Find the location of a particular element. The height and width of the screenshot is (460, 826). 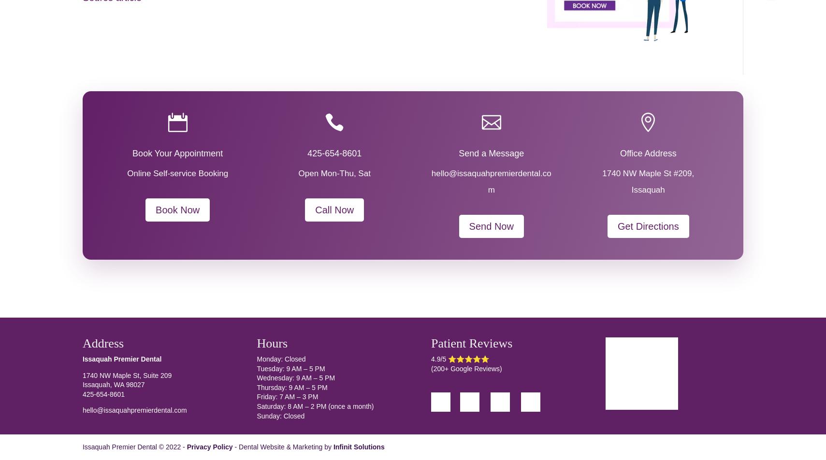

'Wednesday: 9 AM – 5 PM' is located at coordinates (295, 377).